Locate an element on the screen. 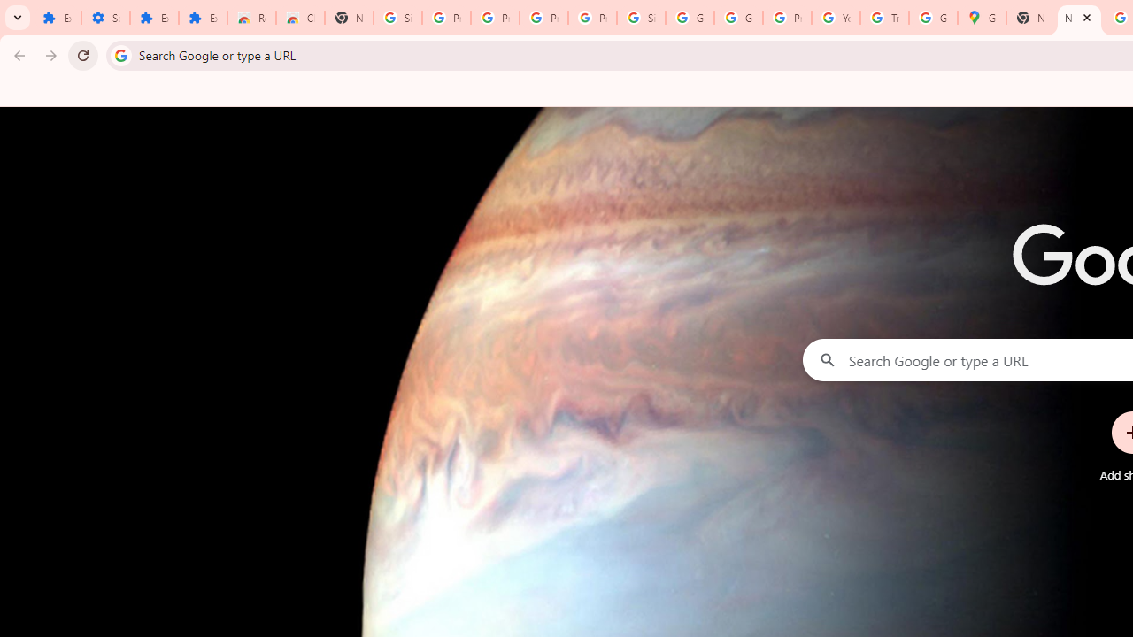 This screenshot has height=637, width=1133. 'Sign in - Google Accounts' is located at coordinates (397, 18).